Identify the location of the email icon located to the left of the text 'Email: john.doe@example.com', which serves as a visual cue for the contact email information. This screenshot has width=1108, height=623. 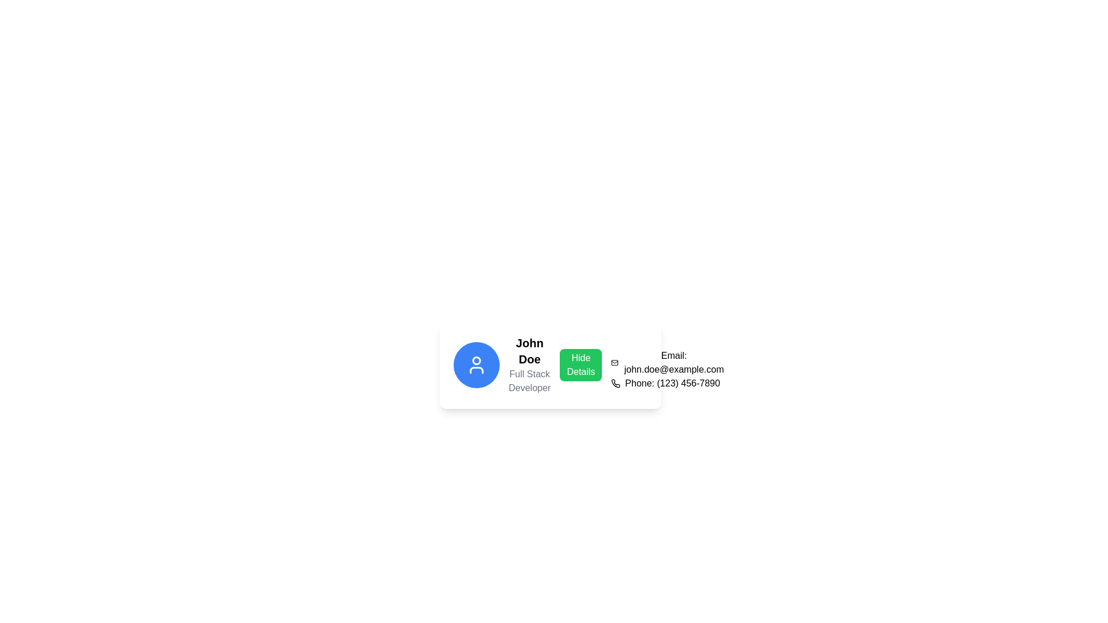
(614, 362).